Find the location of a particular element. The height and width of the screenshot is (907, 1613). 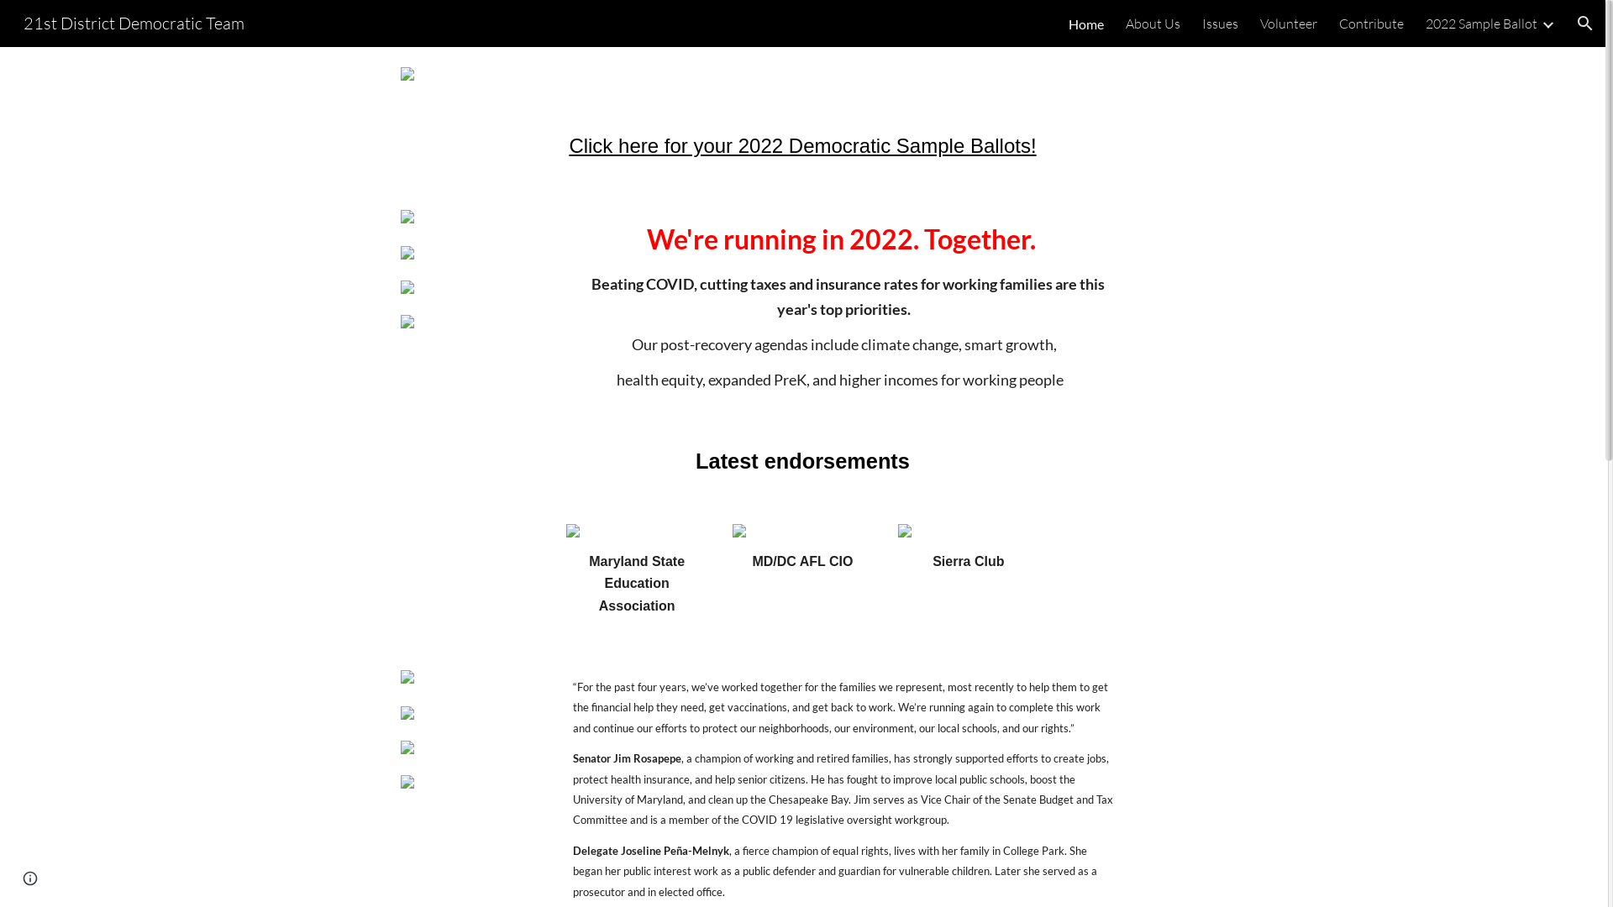

'2022 Sample Ballot' is located at coordinates (1425, 23).